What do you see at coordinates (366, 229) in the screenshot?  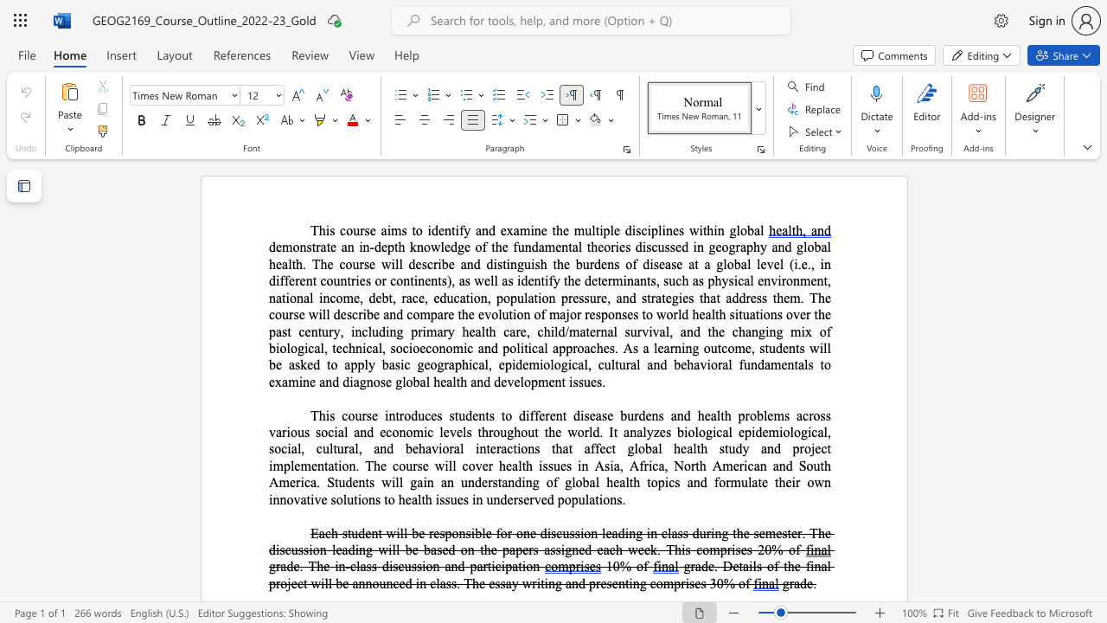 I see `the 2th character "s" in the text` at bounding box center [366, 229].